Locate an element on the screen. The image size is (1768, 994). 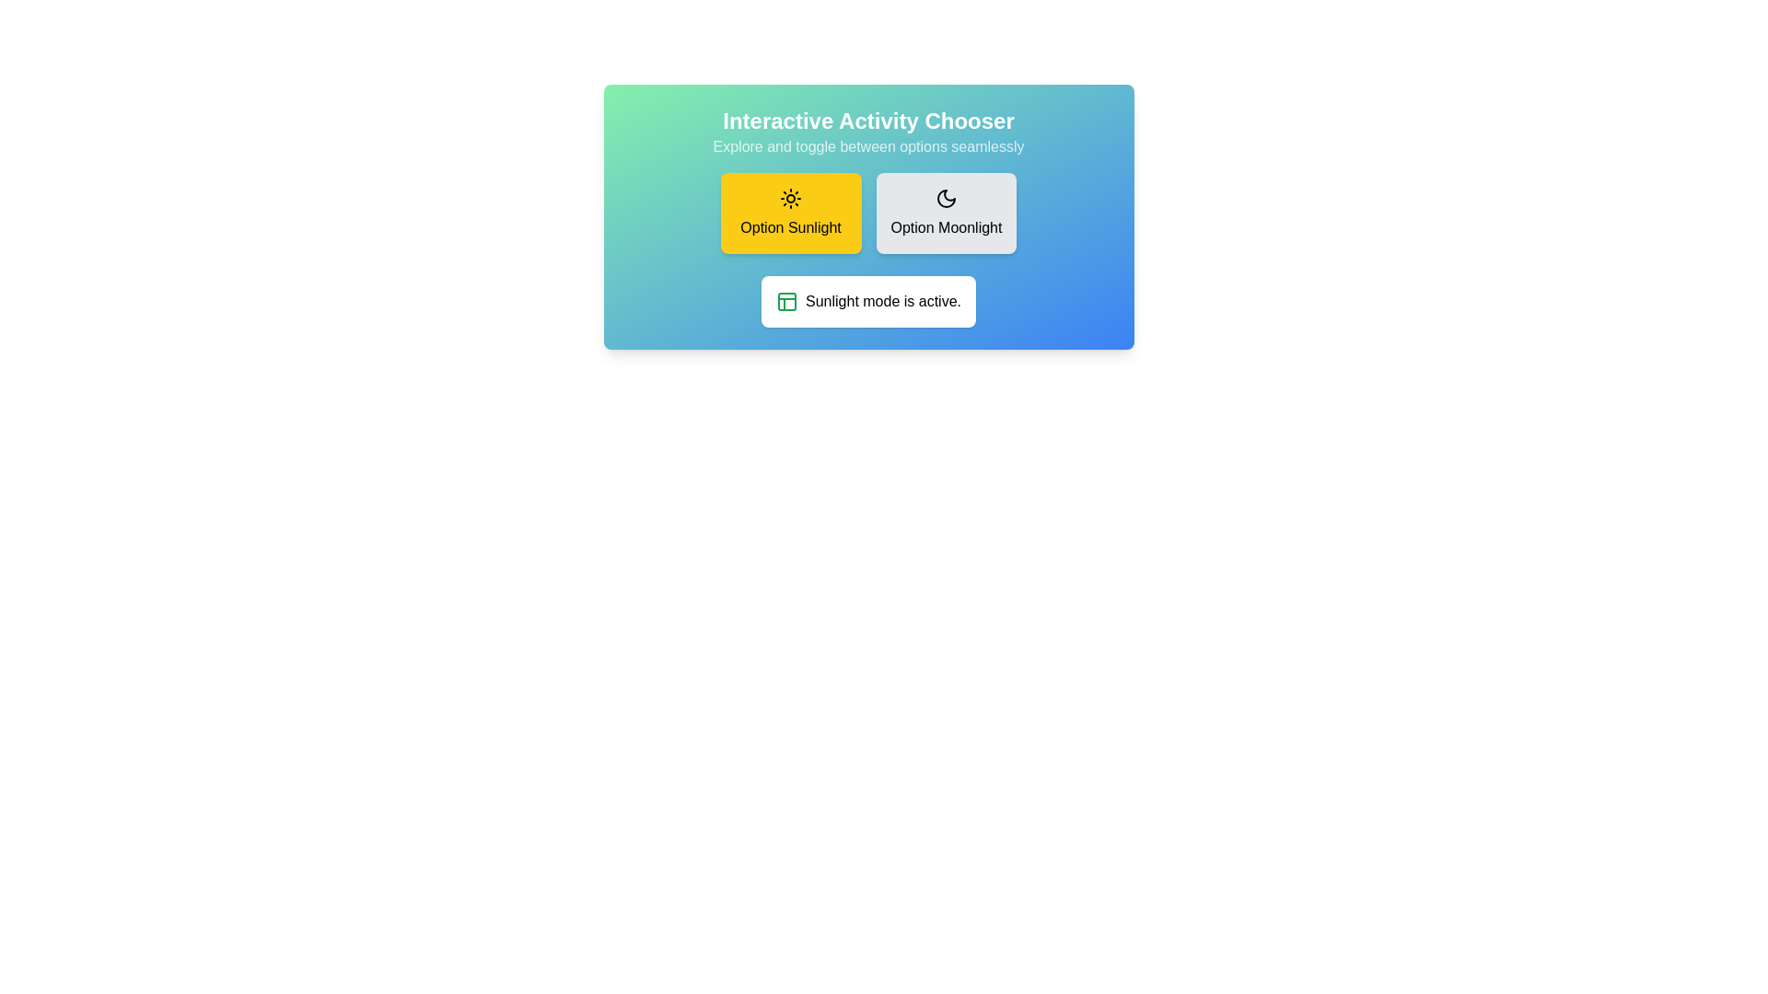
the 'Option Moonlight' button, which is a light gray rectangular button with a moon icon and bold black text below it, to initiate visual feedback is located at coordinates (946, 212).